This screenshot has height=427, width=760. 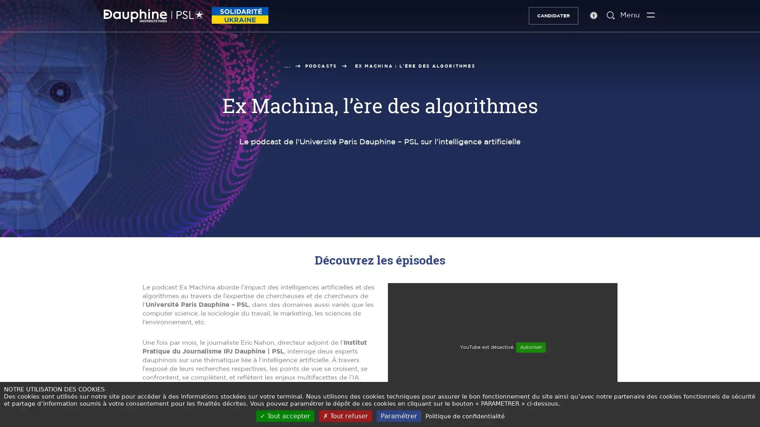 I want to click on Tout refuser, so click(x=345, y=416).